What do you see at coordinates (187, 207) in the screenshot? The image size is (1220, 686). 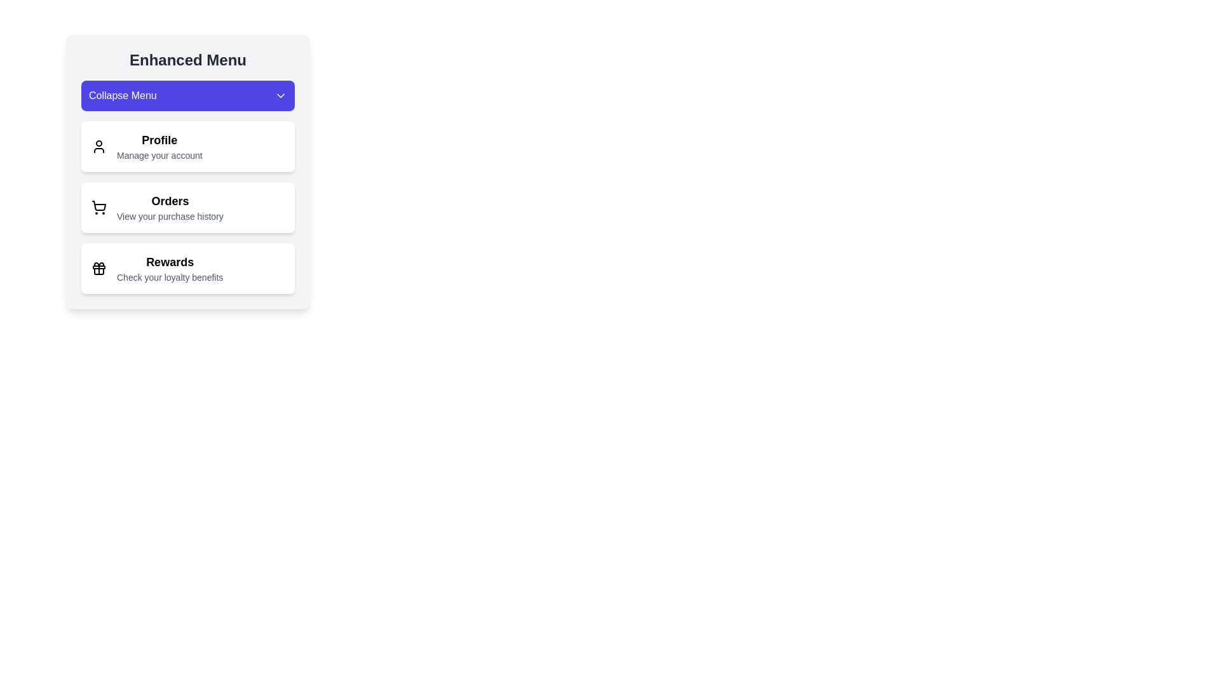 I see `the Menu panel with options that allows navigation for account management, orders history, and rewards` at bounding box center [187, 207].